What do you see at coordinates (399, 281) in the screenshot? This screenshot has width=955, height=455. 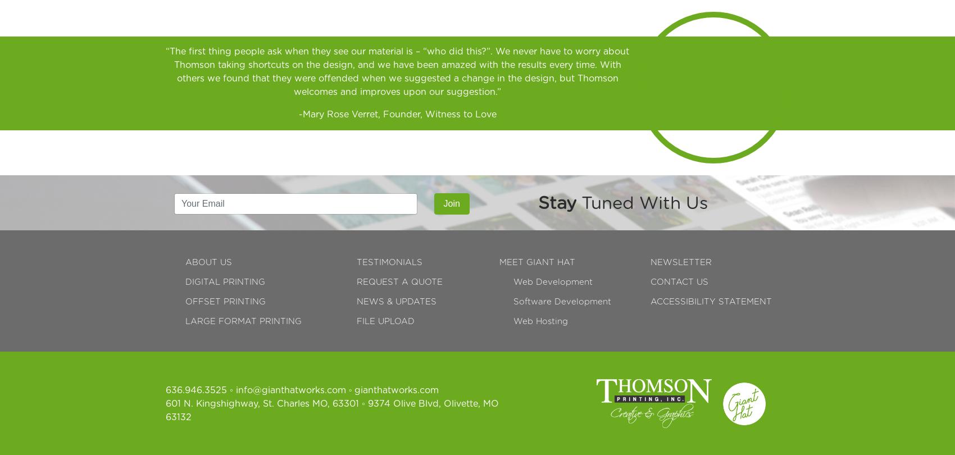 I see `'Request a Quote'` at bounding box center [399, 281].